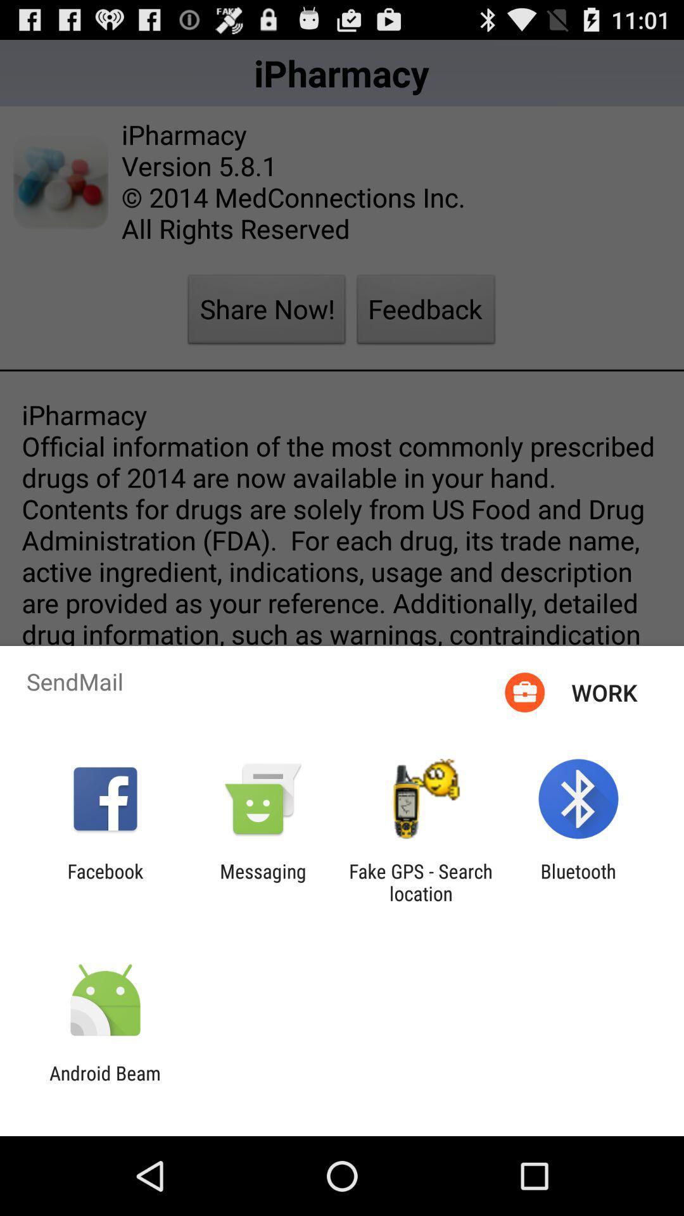 The width and height of the screenshot is (684, 1216). What do you see at coordinates (578, 882) in the screenshot?
I see `the bluetooth at the bottom right corner` at bounding box center [578, 882].